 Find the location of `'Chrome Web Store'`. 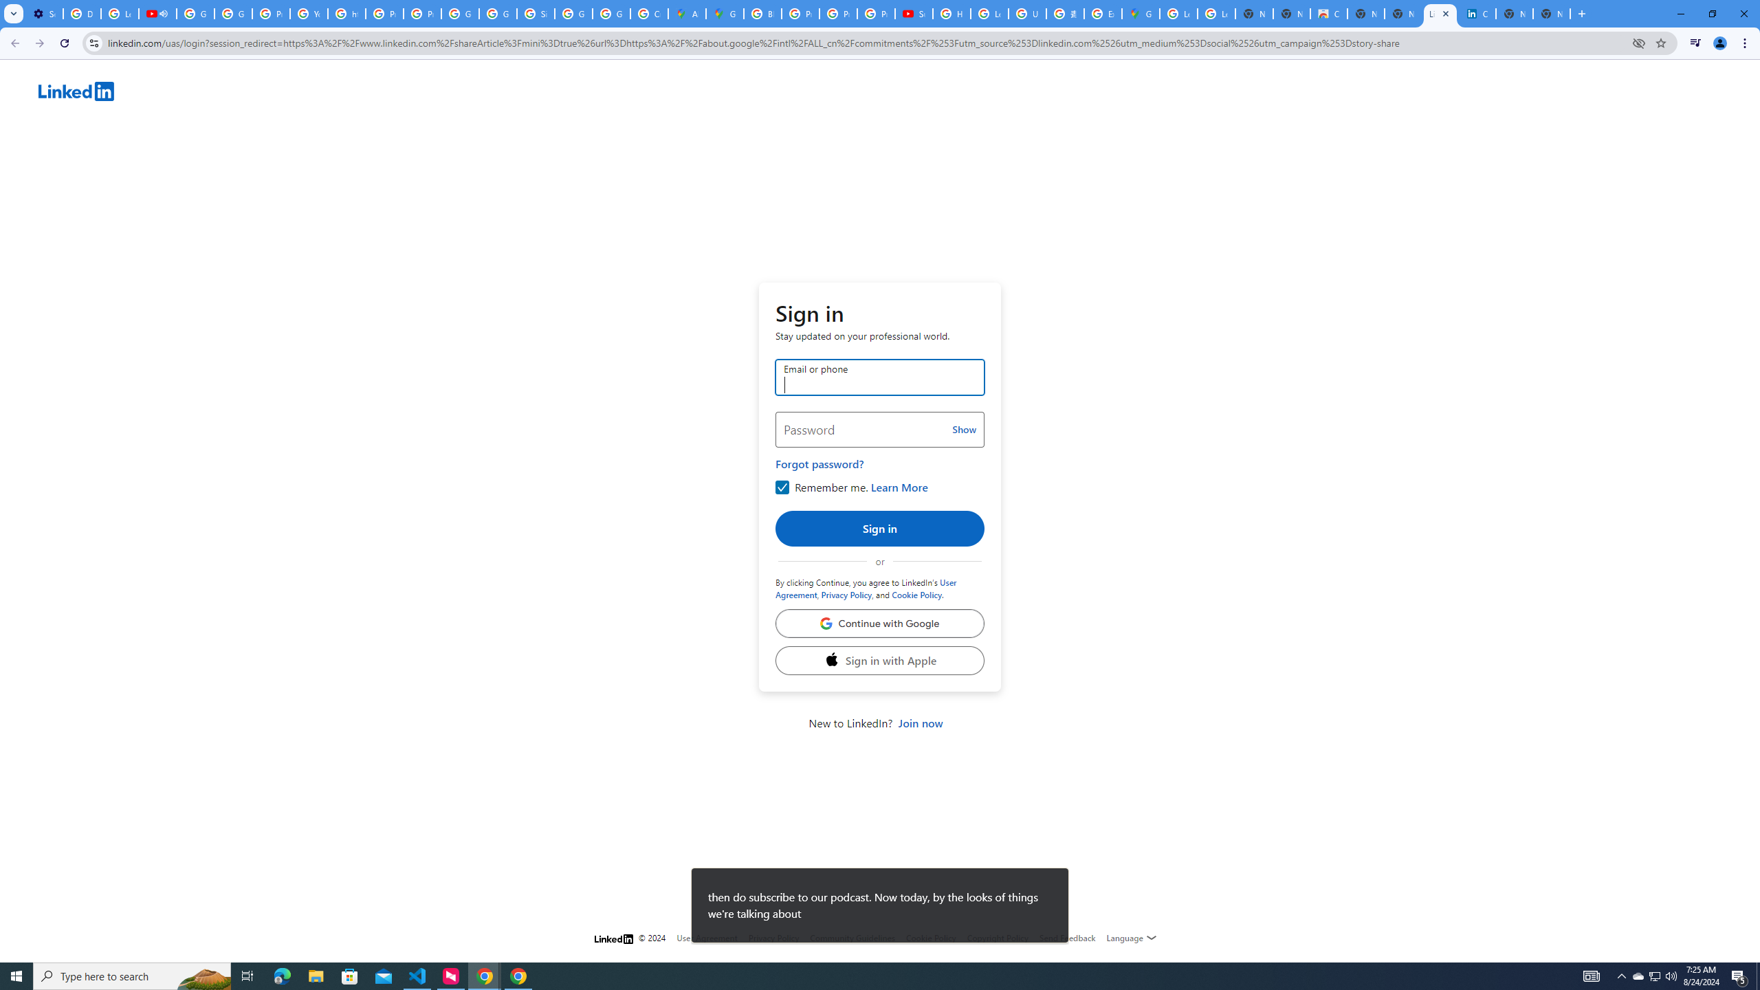

'Chrome Web Store' is located at coordinates (1328, 13).